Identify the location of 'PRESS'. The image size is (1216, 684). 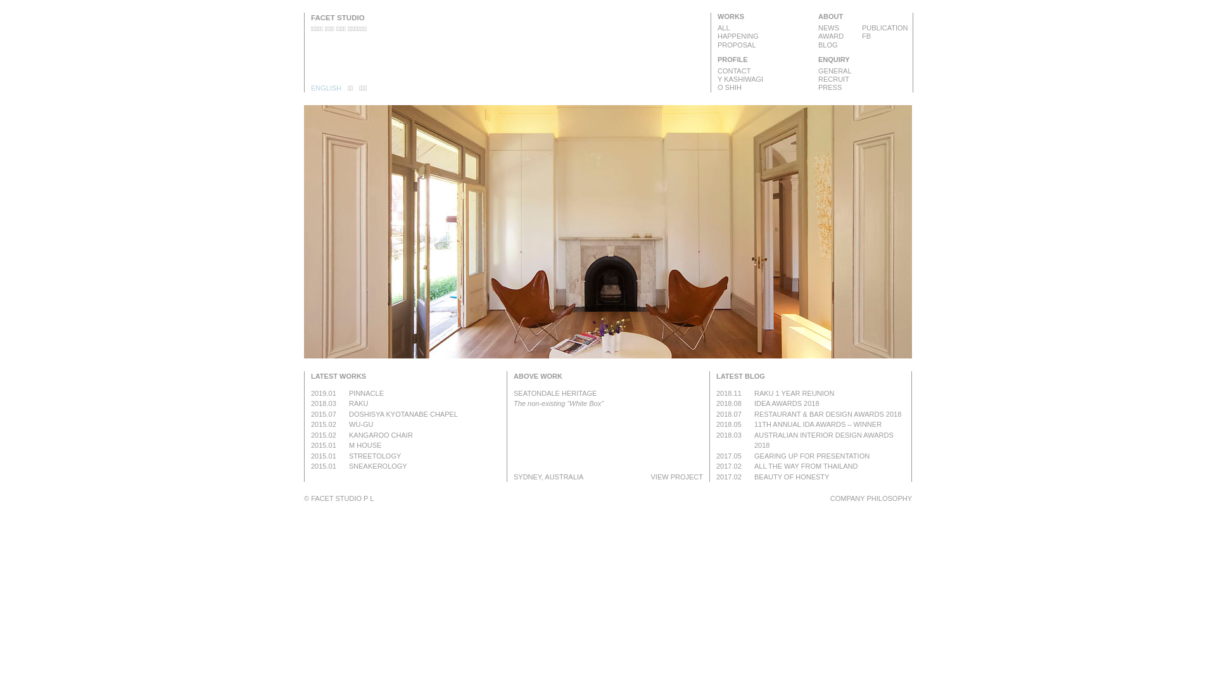
(864, 87).